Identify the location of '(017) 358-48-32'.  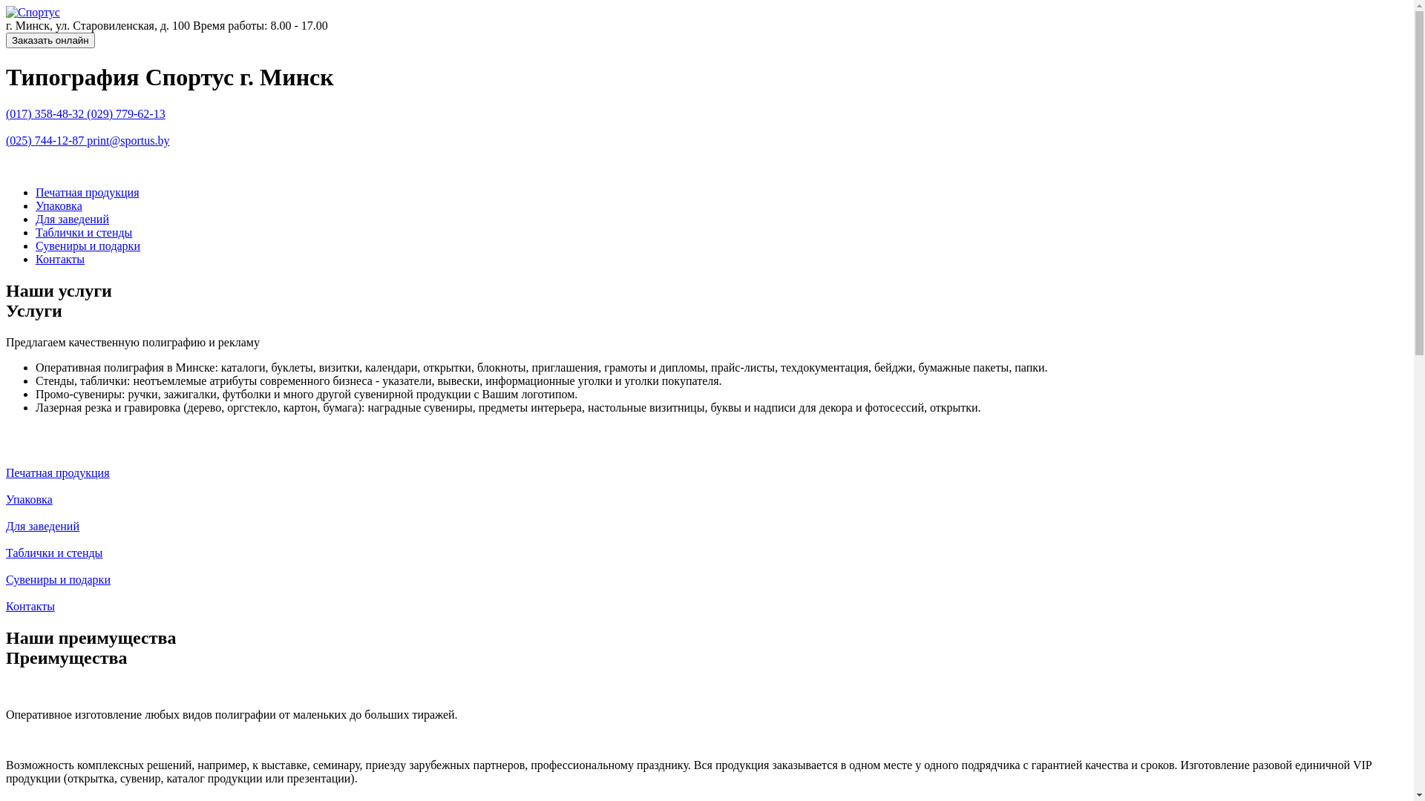
(46, 113).